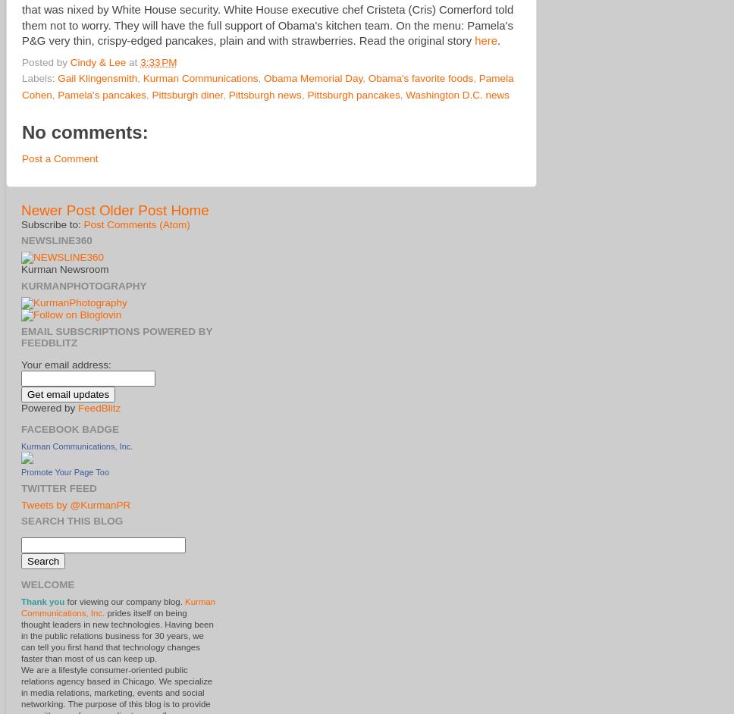  Describe the element at coordinates (42, 602) in the screenshot. I see `'Thank you'` at that location.